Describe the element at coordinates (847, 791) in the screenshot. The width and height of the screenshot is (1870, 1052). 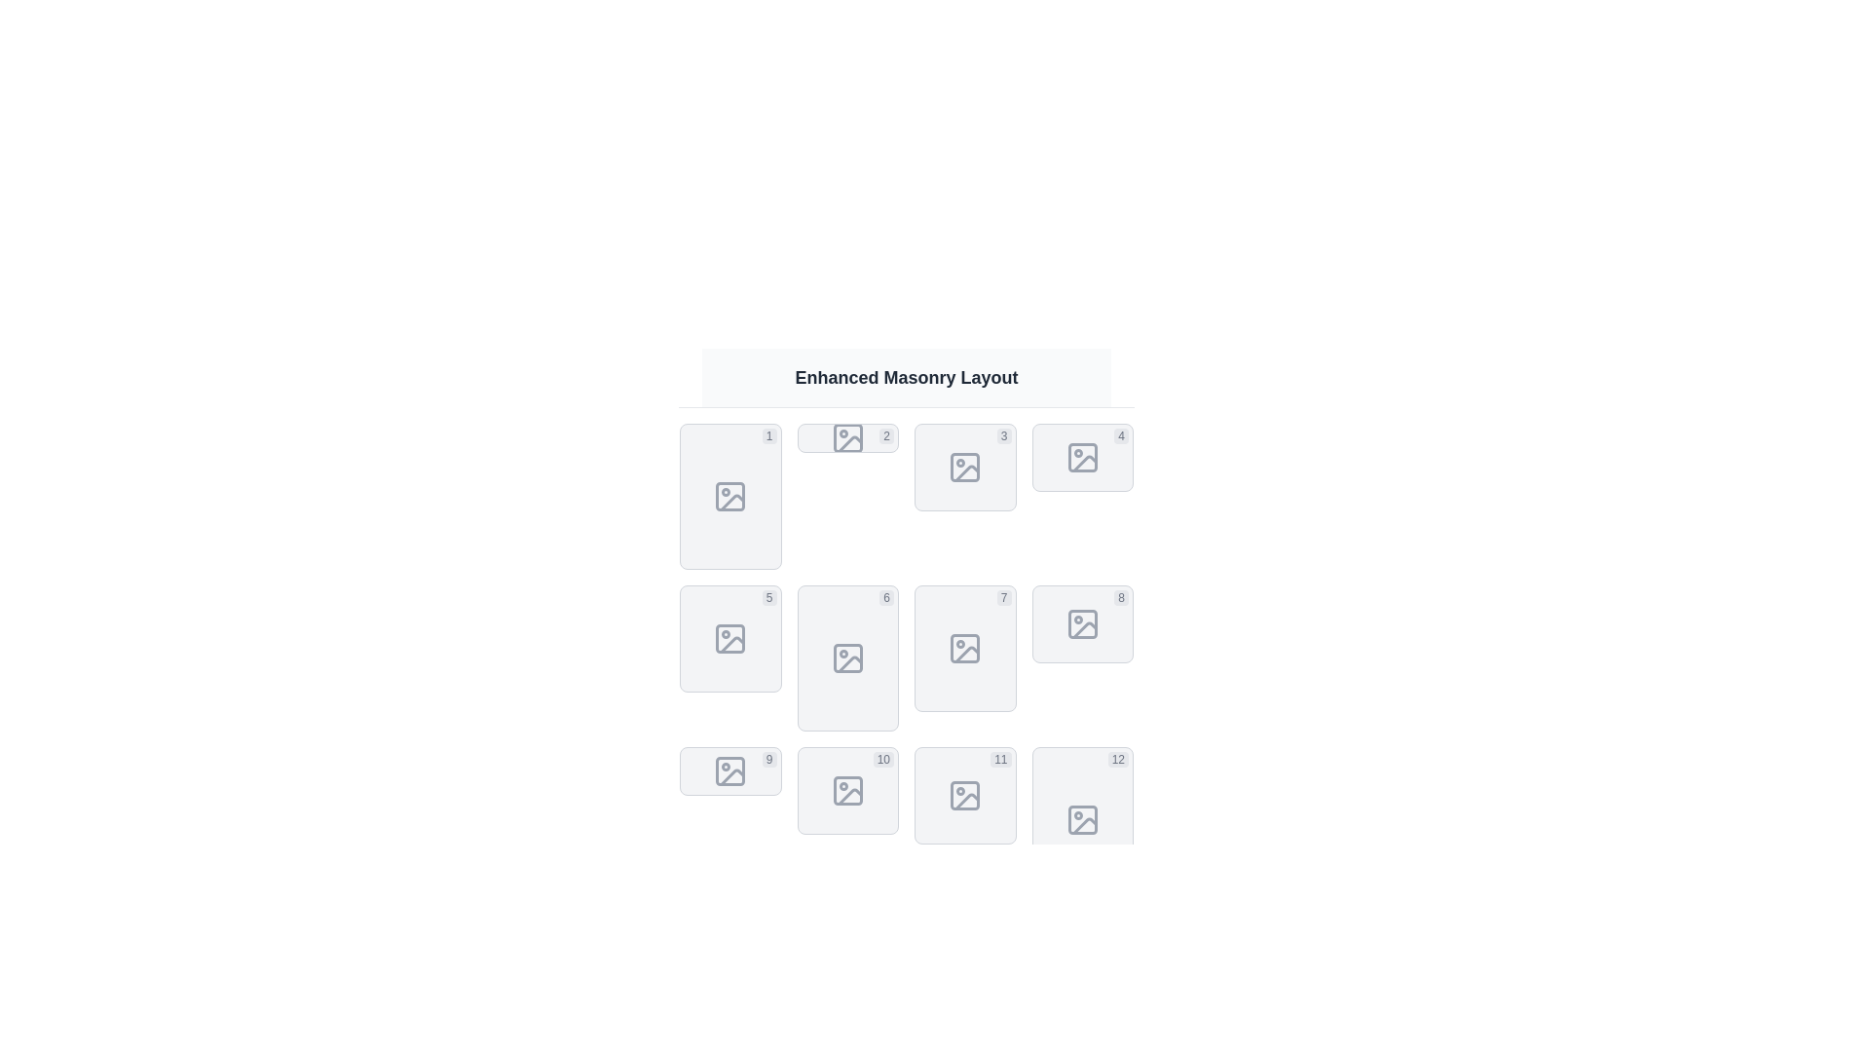
I see `the central rectangular part of the icon, which symbolizes a placeholder image, located in the tenth entry of a grid layout` at that location.